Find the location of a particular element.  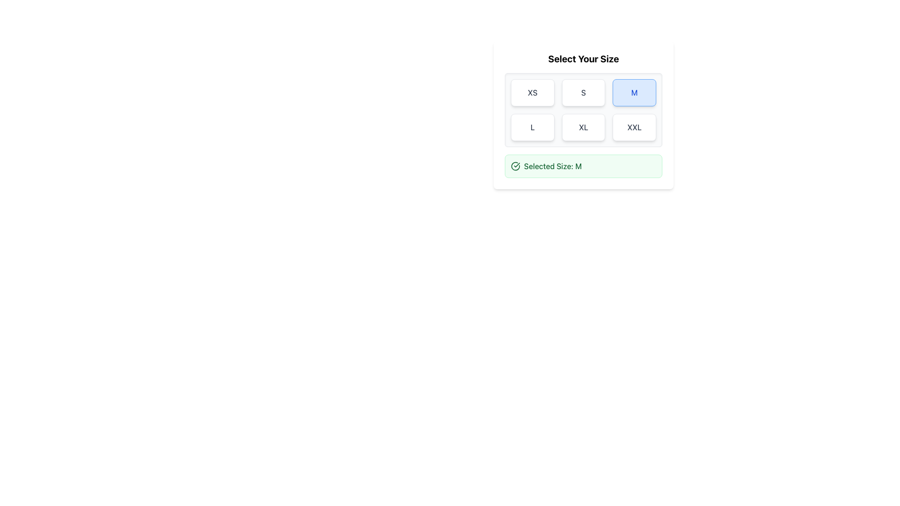

the square button labeled 'L' with a white background and gray border is located at coordinates (532, 127).